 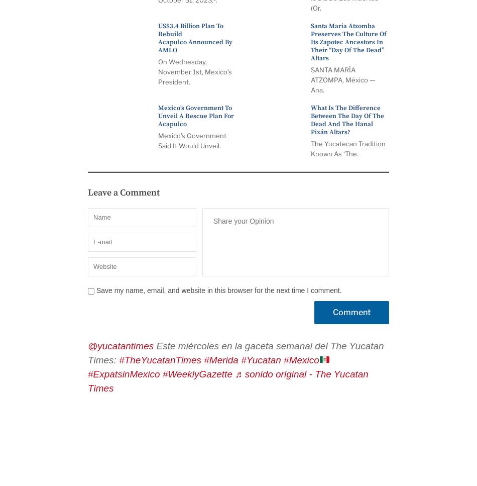 I want to click on '#ExpatsinMexico', so click(x=123, y=374).